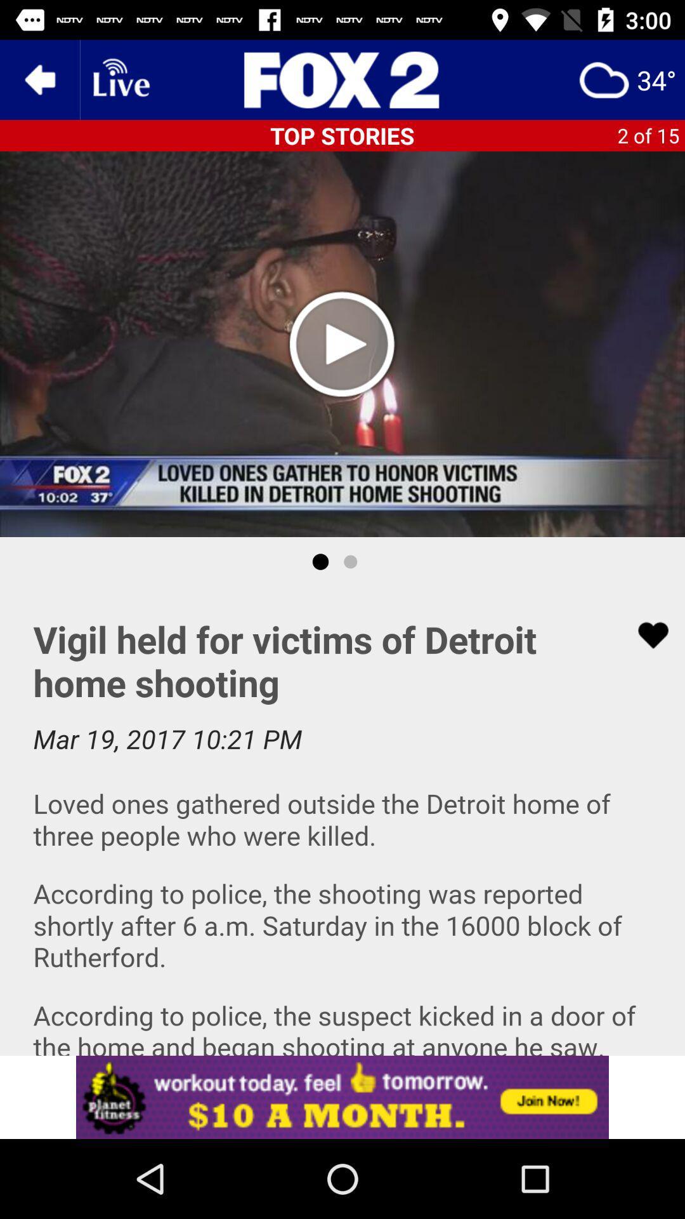 Image resolution: width=685 pixels, height=1219 pixels. Describe the element at coordinates (645, 635) in the screenshot. I see `bookmark favorite` at that location.